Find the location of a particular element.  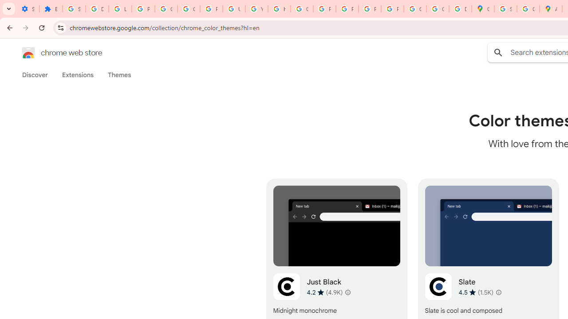

'Delete photos & videos - Computer - Google Photos Help' is located at coordinates (97, 9).